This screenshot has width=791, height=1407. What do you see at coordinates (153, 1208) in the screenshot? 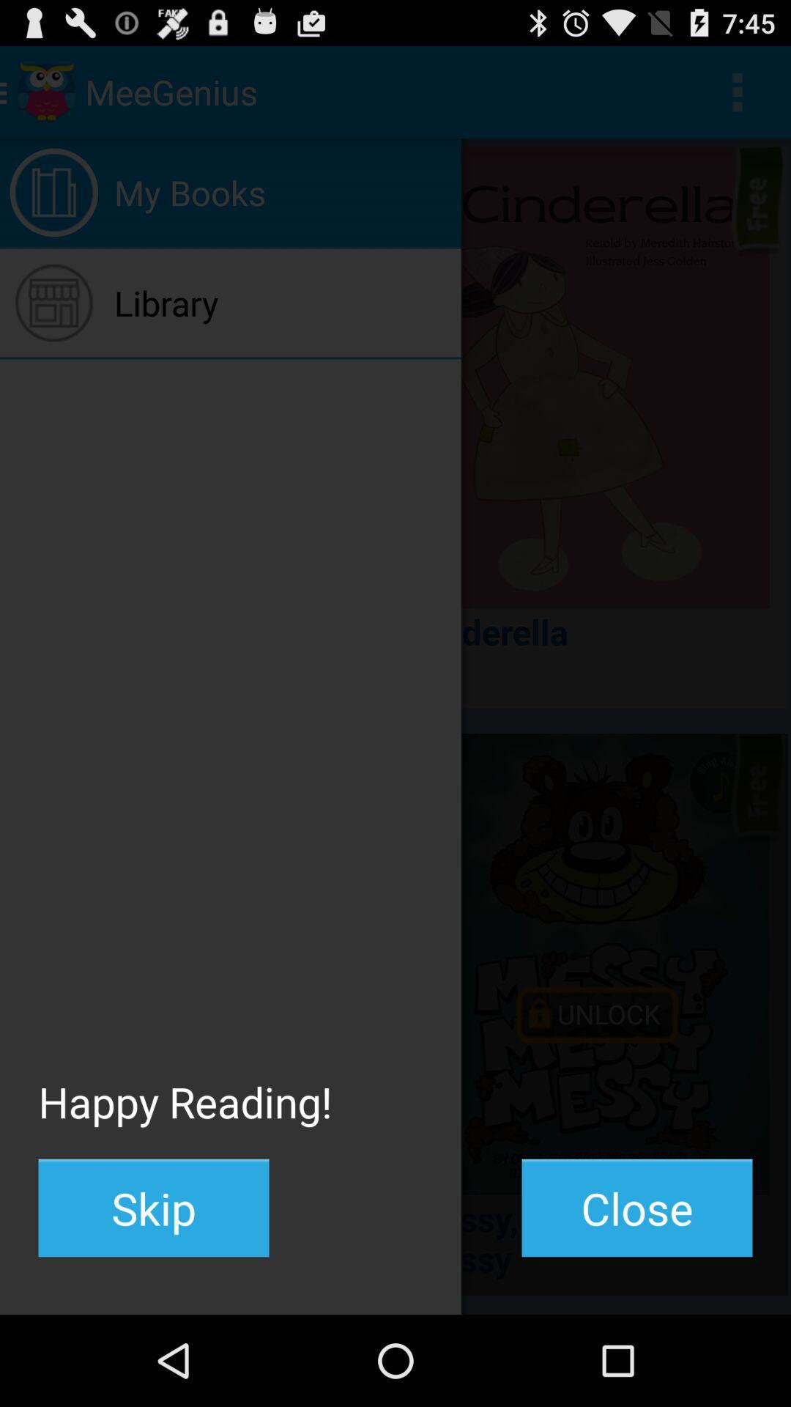
I see `the button to the left of close button` at bounding box center [153, 1208].